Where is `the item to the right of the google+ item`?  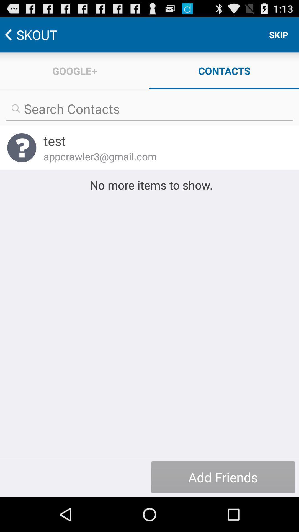
the item to the right of the google+ item is located at coordinates (279, 34).